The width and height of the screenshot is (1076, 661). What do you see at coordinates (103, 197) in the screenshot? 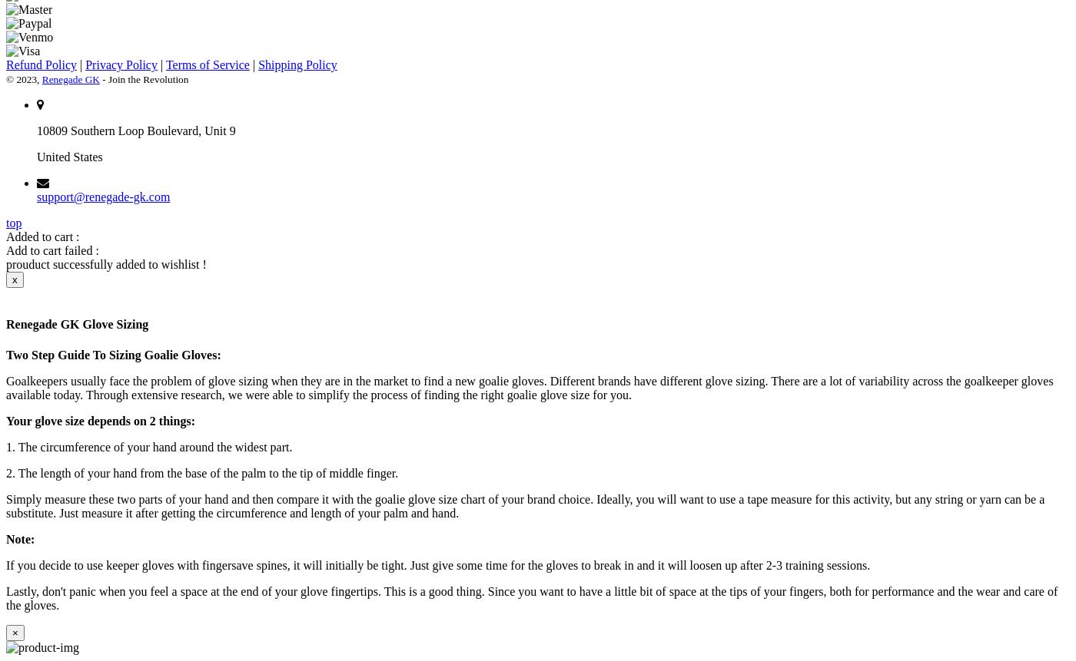
I see `'support@renegade-gk.com'` at bounding box center [103, 197].